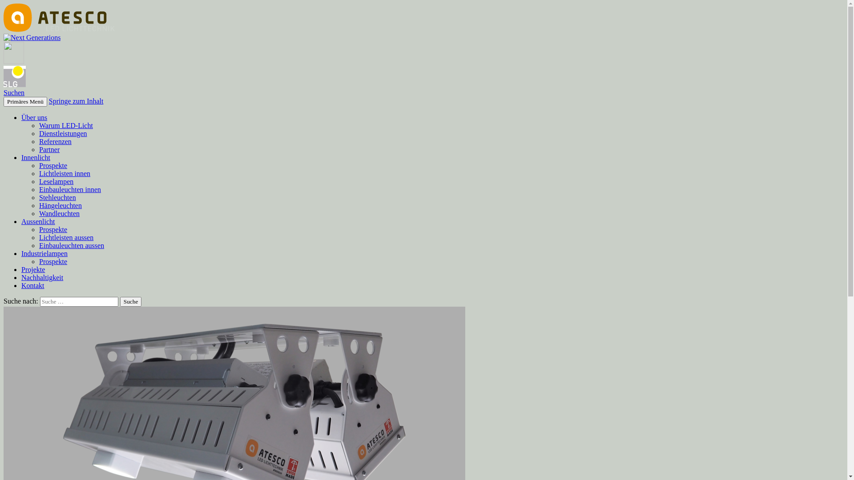 The width and height of the screenshot is (854, 480). Describe the element at coordinates (42, 277) in the screenshot. I see `'Nachhaltigkeit'` at that location.